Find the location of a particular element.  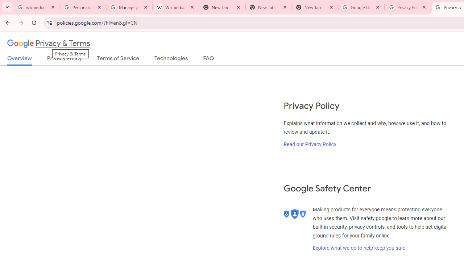

'Personalization & Google Search results - Google Search Help' is located at coordinates (83, 7).